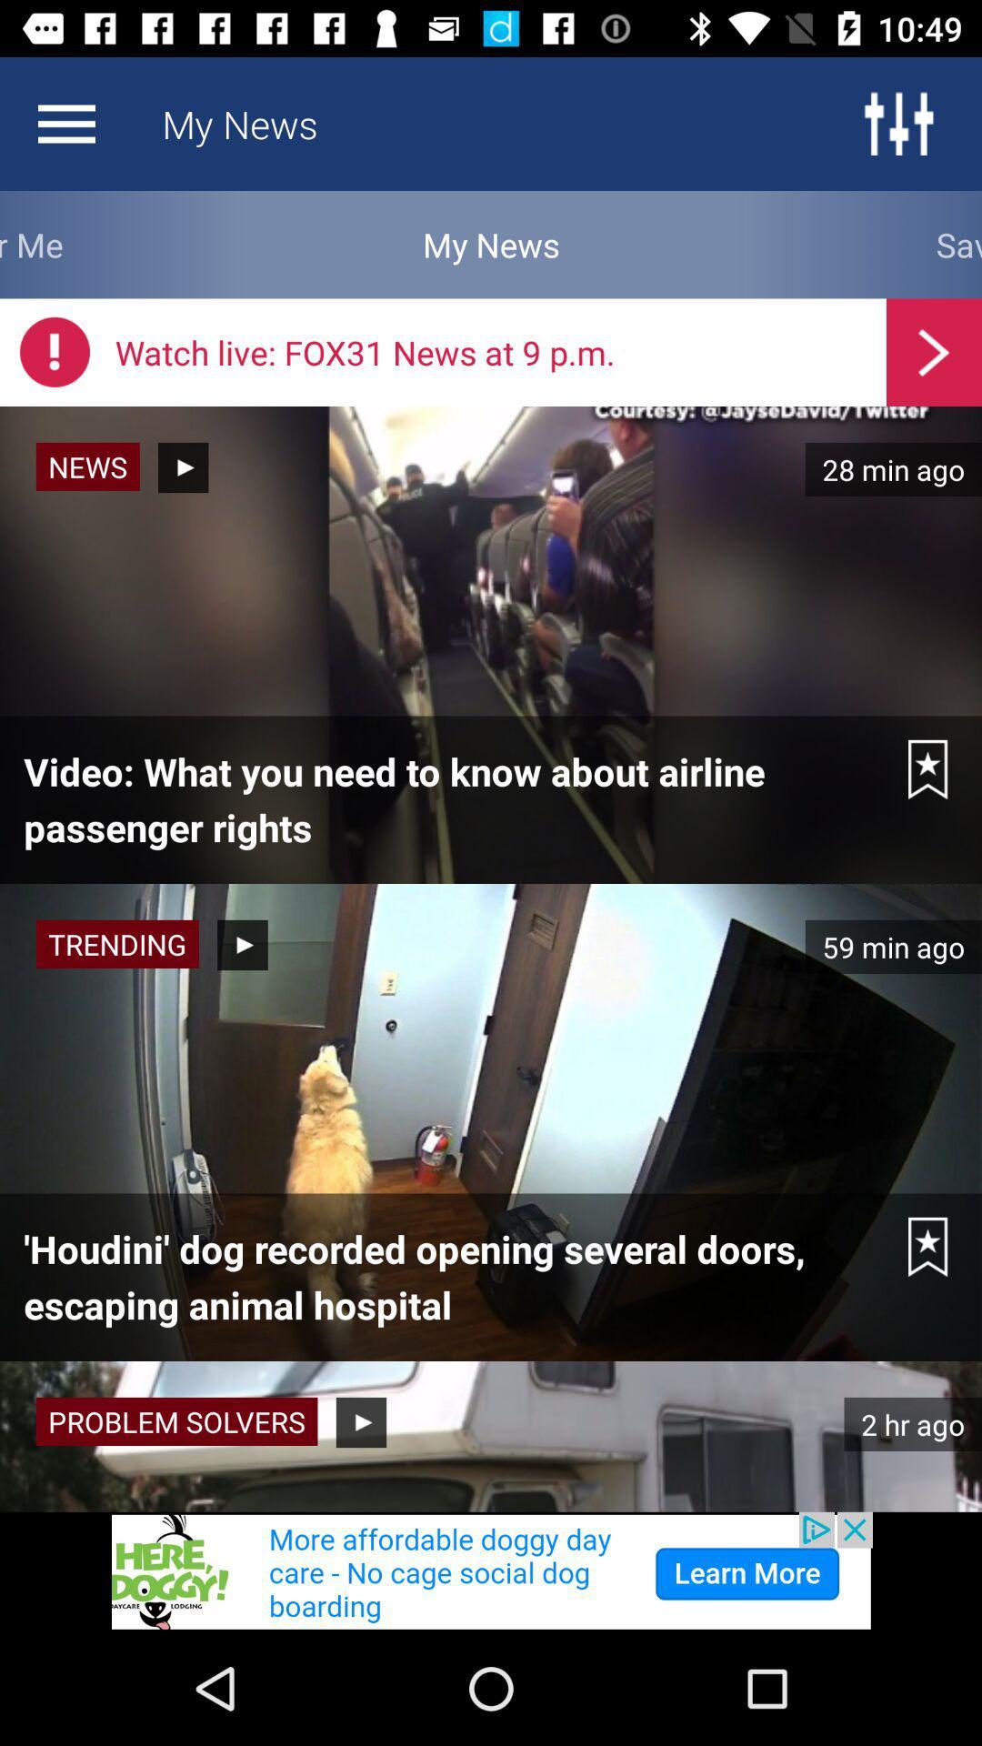 The height and width of the screenshot is (1746, 982). What do you see at coordinates (897, 123) in the screenshot?
I see `settings` at bounding box center [897, 123].